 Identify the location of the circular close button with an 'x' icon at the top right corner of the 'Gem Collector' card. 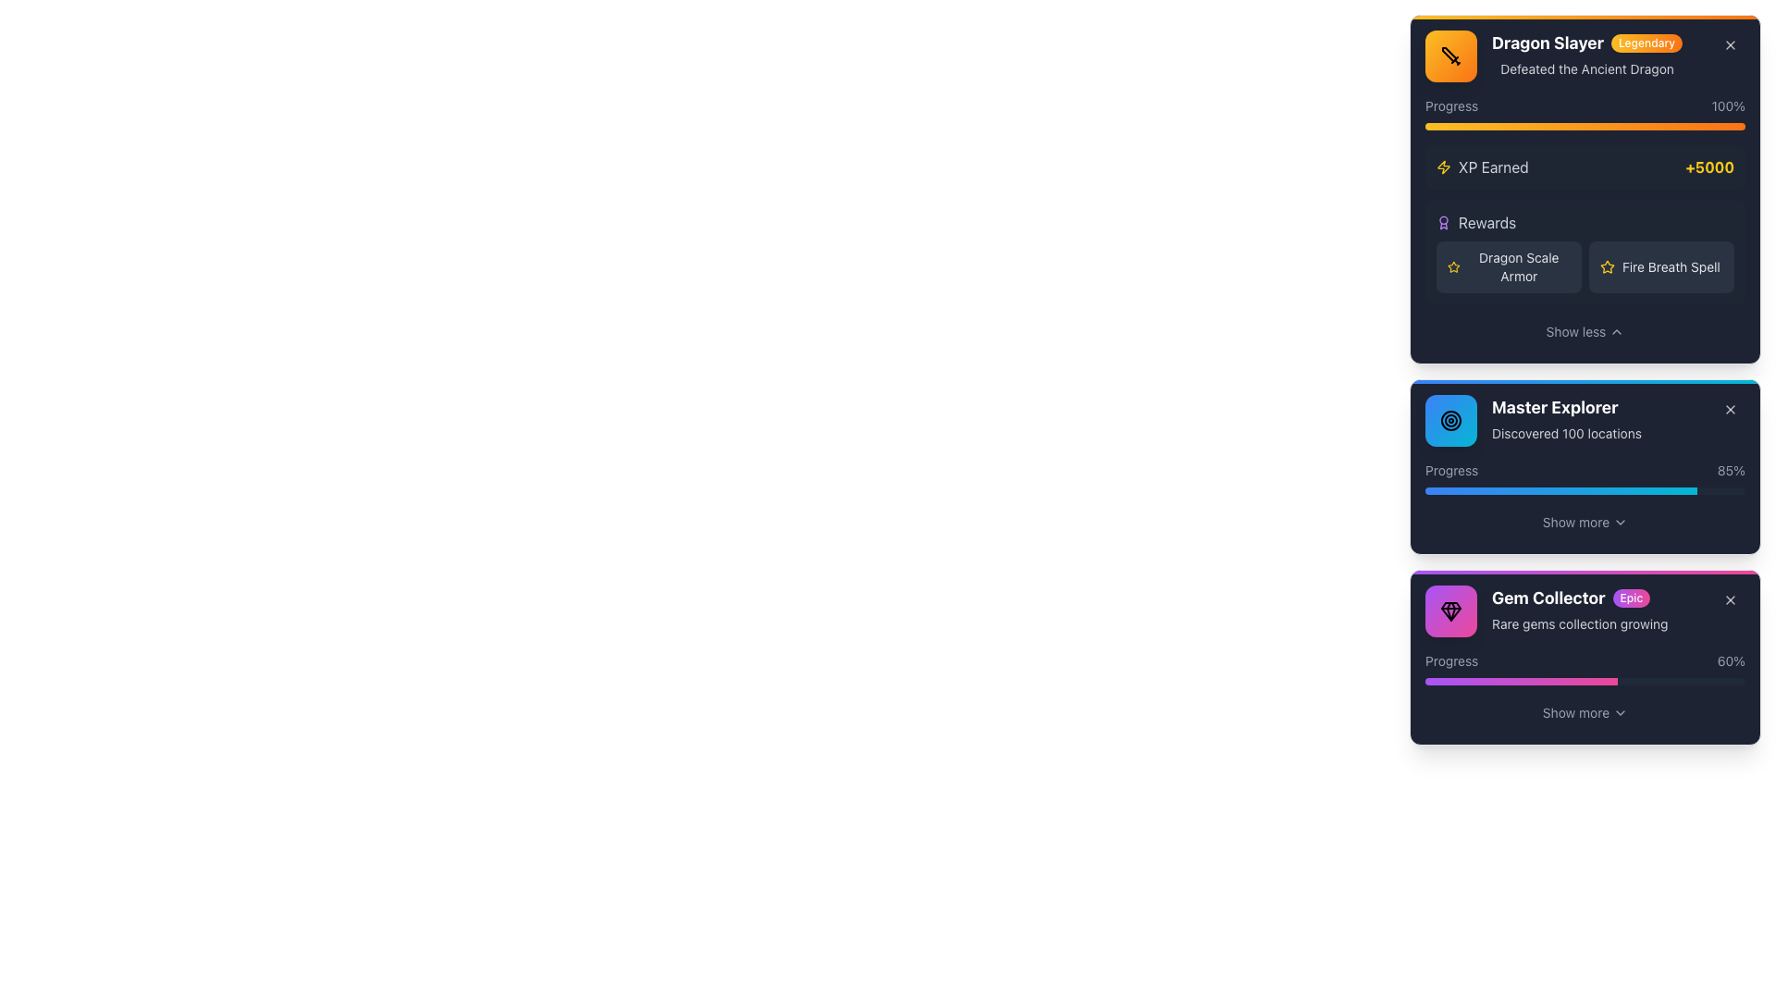
(1730, 599).